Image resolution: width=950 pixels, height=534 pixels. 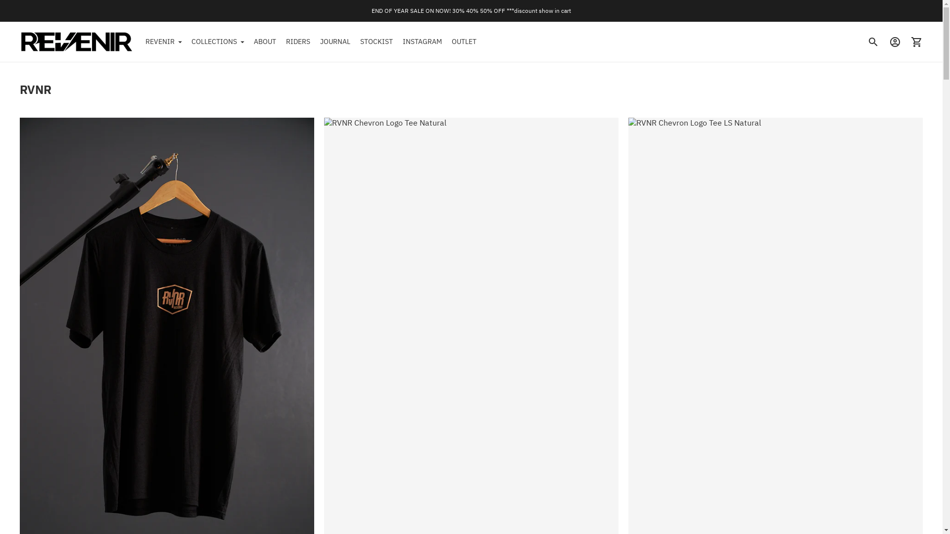 What do you see at coordinates (873, 41) in the screenshot?
I see `'Search'` at bounding box center [873, 41].